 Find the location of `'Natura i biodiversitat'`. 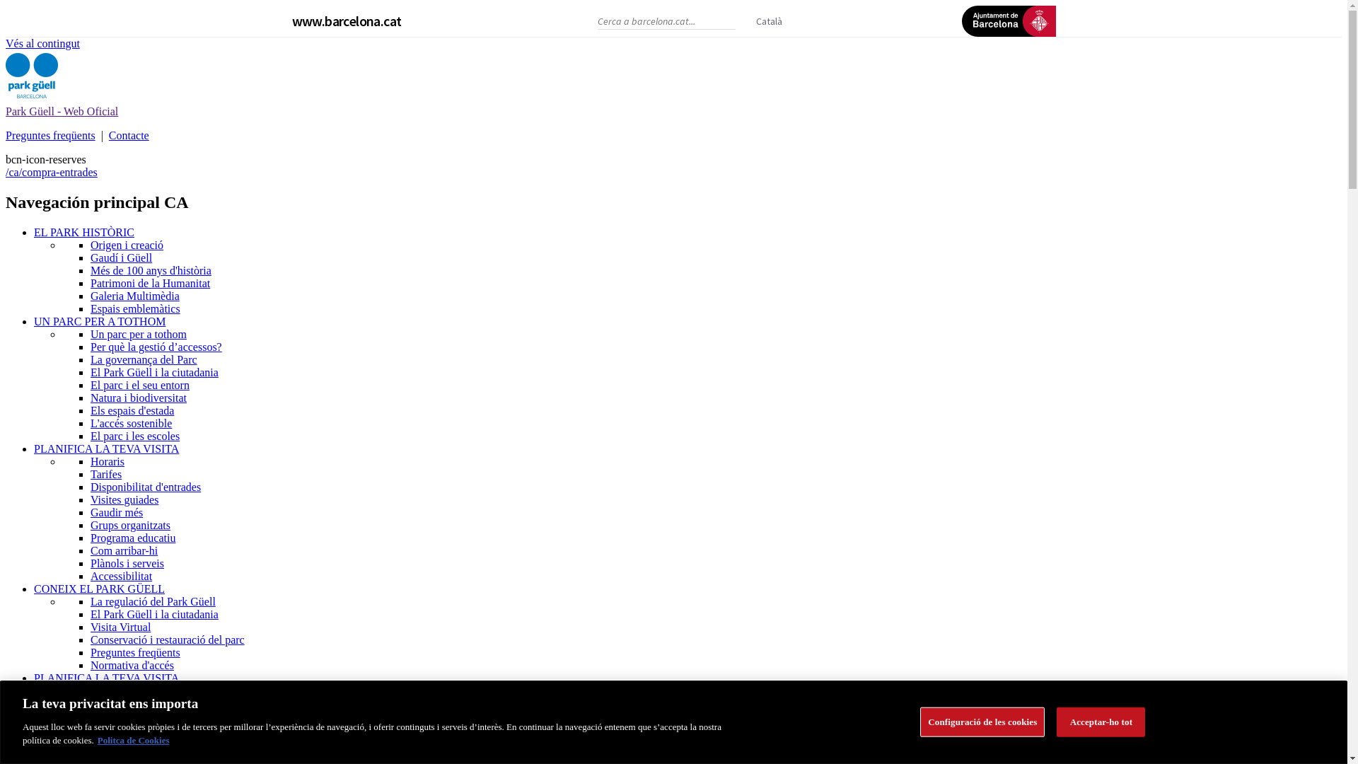

'Natura i biodiversitat' is located at coordinates (139, 398).